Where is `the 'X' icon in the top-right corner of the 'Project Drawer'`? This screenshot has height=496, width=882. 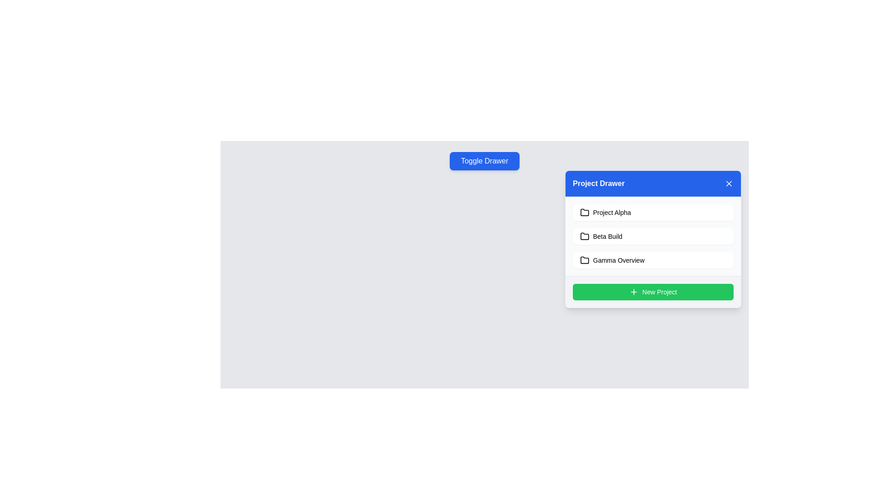 the 'X' icon in the top-right corner of the 'Project Drawer' is located at coordinates (729, 184).